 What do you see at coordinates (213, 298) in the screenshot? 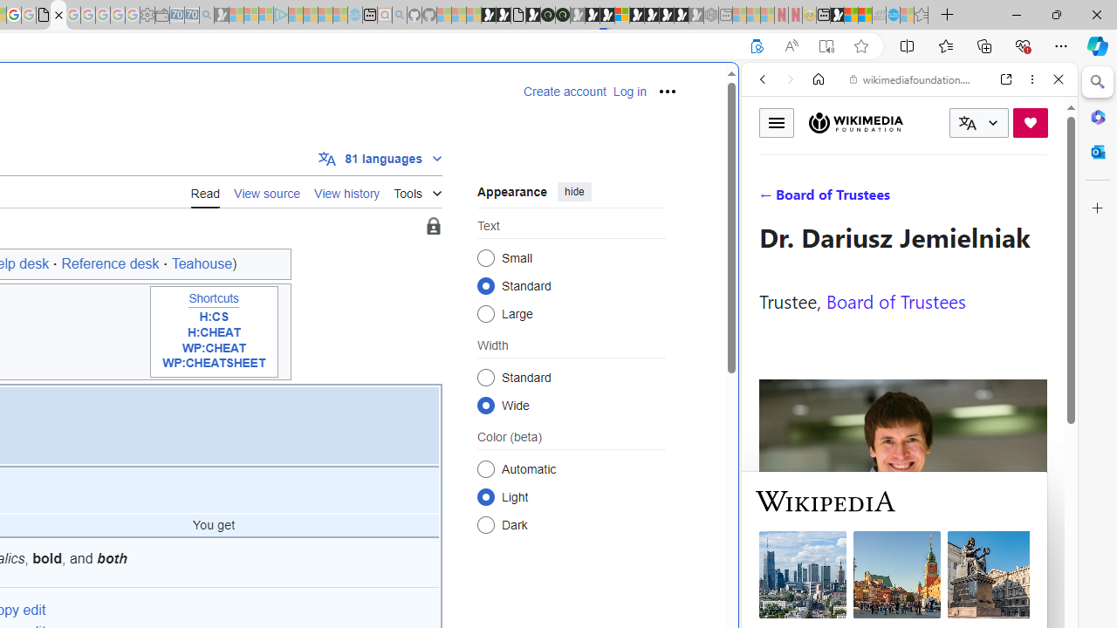
I see `'Shortcuts'` at bounding box center [213, 298].